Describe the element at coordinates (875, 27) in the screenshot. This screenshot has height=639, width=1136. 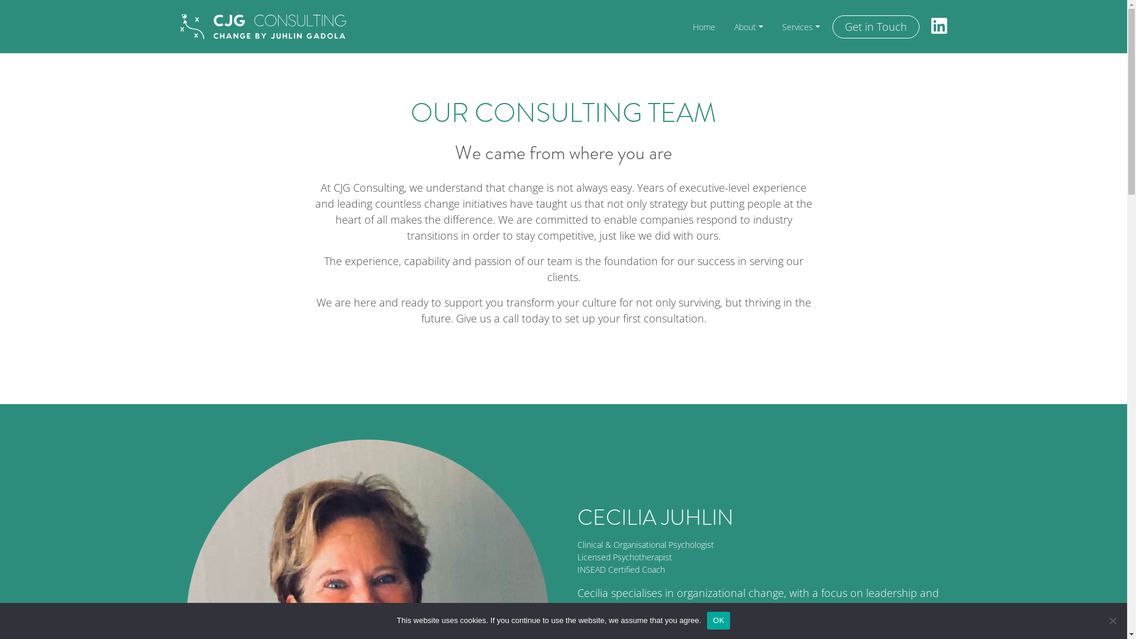
I see `'Get in Touch'` at that location.